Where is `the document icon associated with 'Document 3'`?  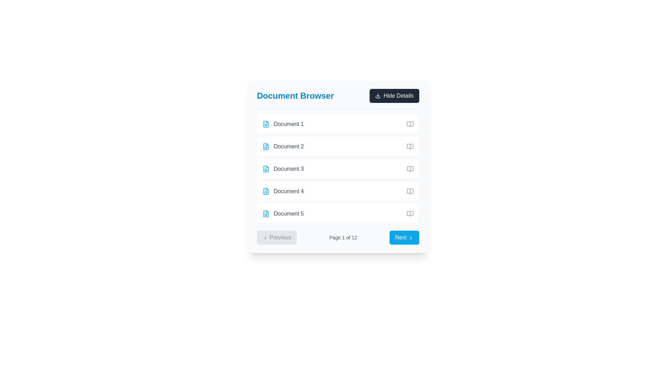
the document icon associated with 'Document 3' is located at coordinates (265, 169).